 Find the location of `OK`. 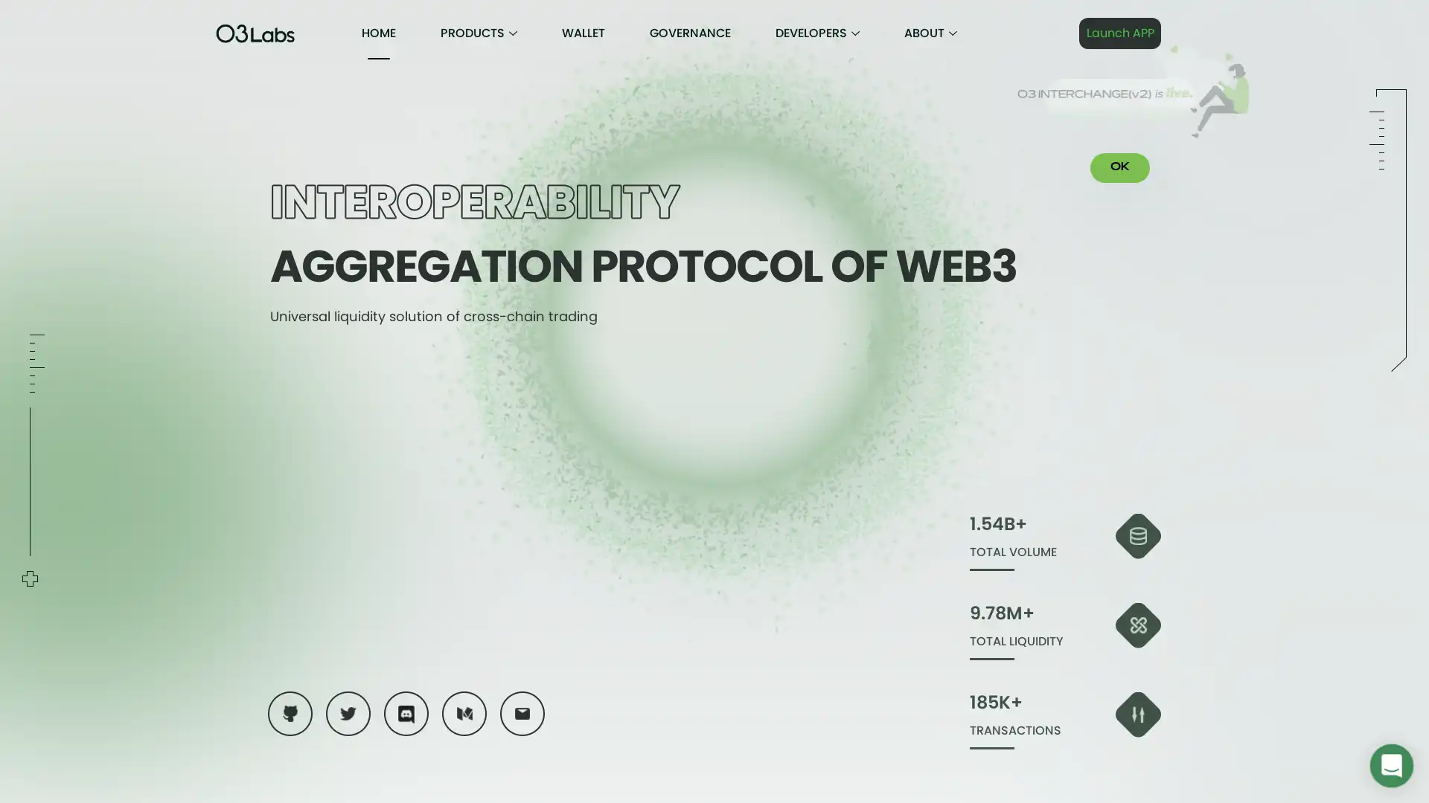

OK is located at coordinates (1120, 167).